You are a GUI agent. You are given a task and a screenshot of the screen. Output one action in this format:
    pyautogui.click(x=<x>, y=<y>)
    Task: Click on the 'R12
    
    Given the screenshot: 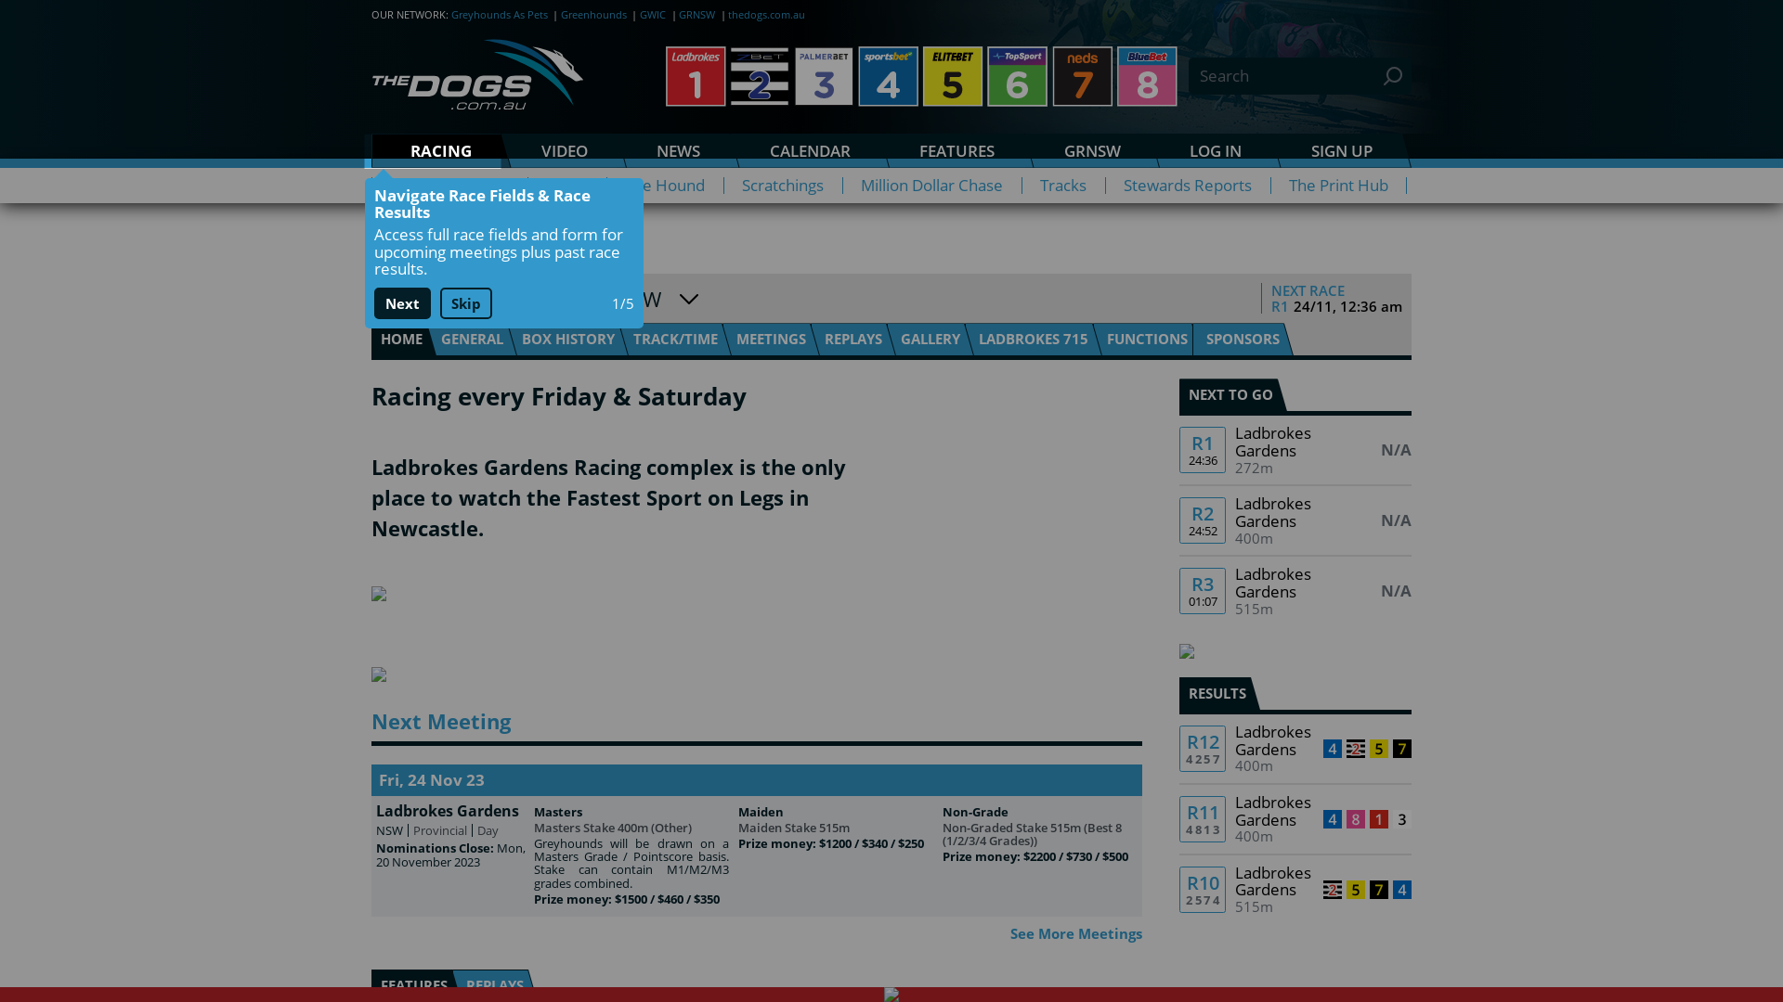 What is the action you would take?
    pyautogui.click(x=1295, y=747)
    